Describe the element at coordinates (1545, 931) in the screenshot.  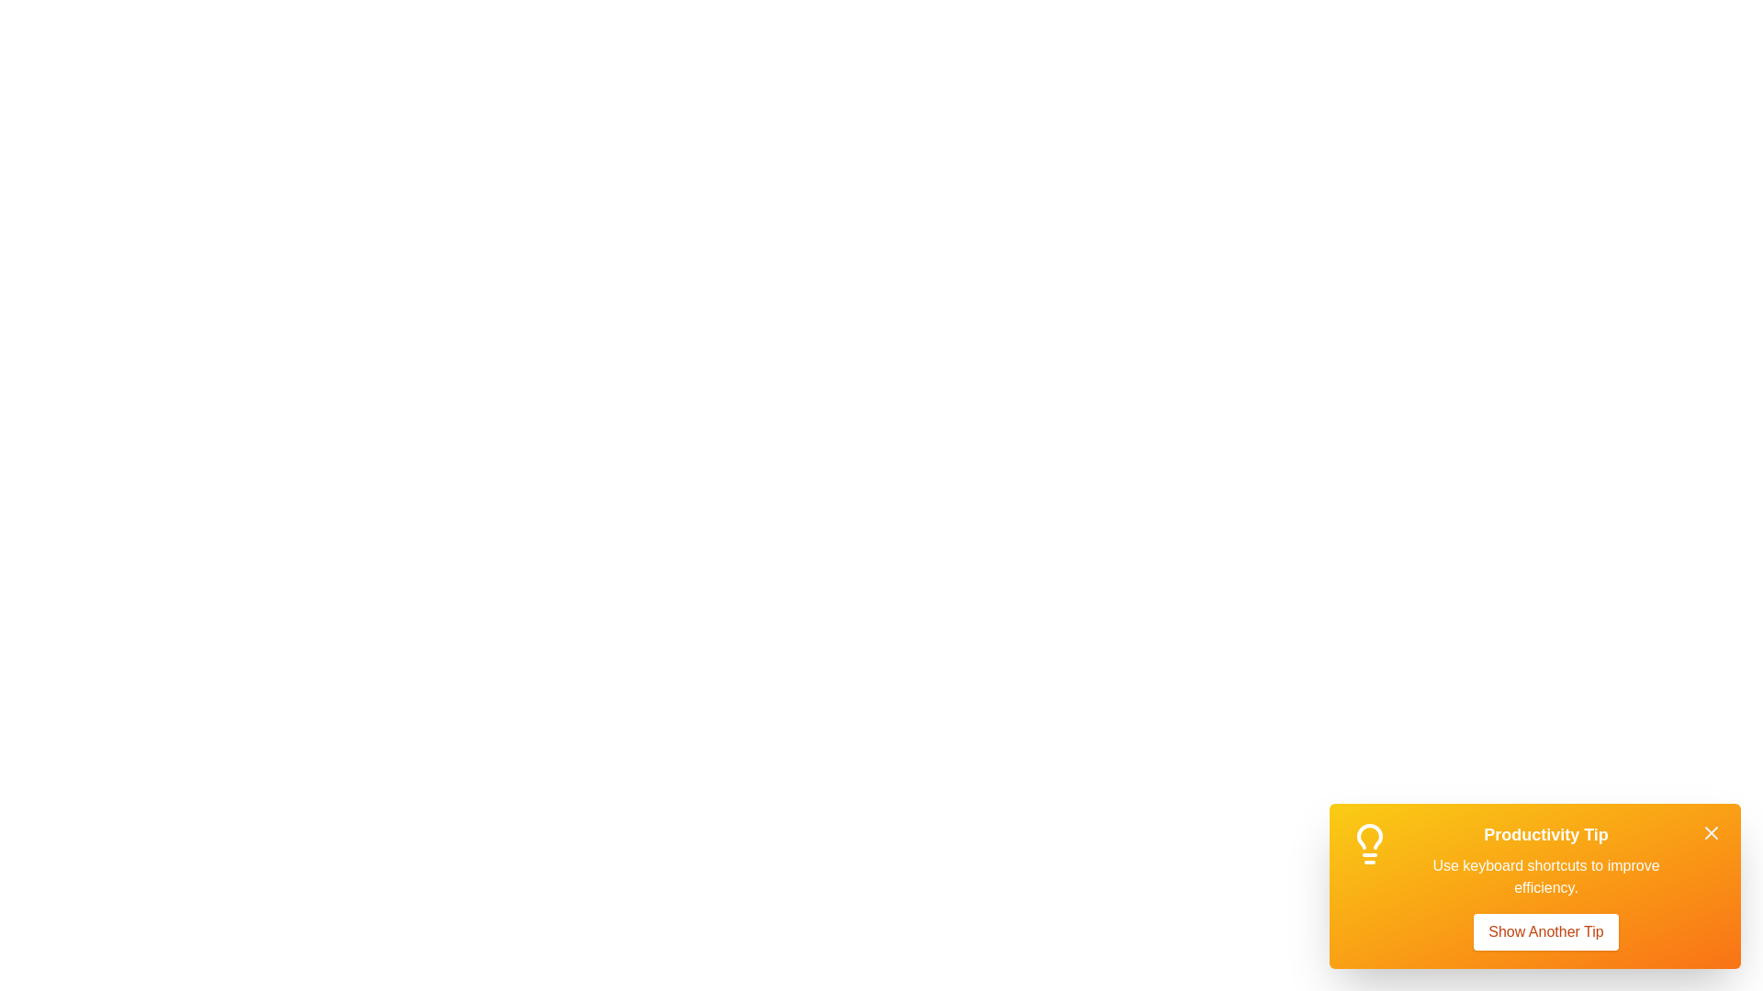
I see `'Show Another Tip' button to display the next productivity tip` at that location.